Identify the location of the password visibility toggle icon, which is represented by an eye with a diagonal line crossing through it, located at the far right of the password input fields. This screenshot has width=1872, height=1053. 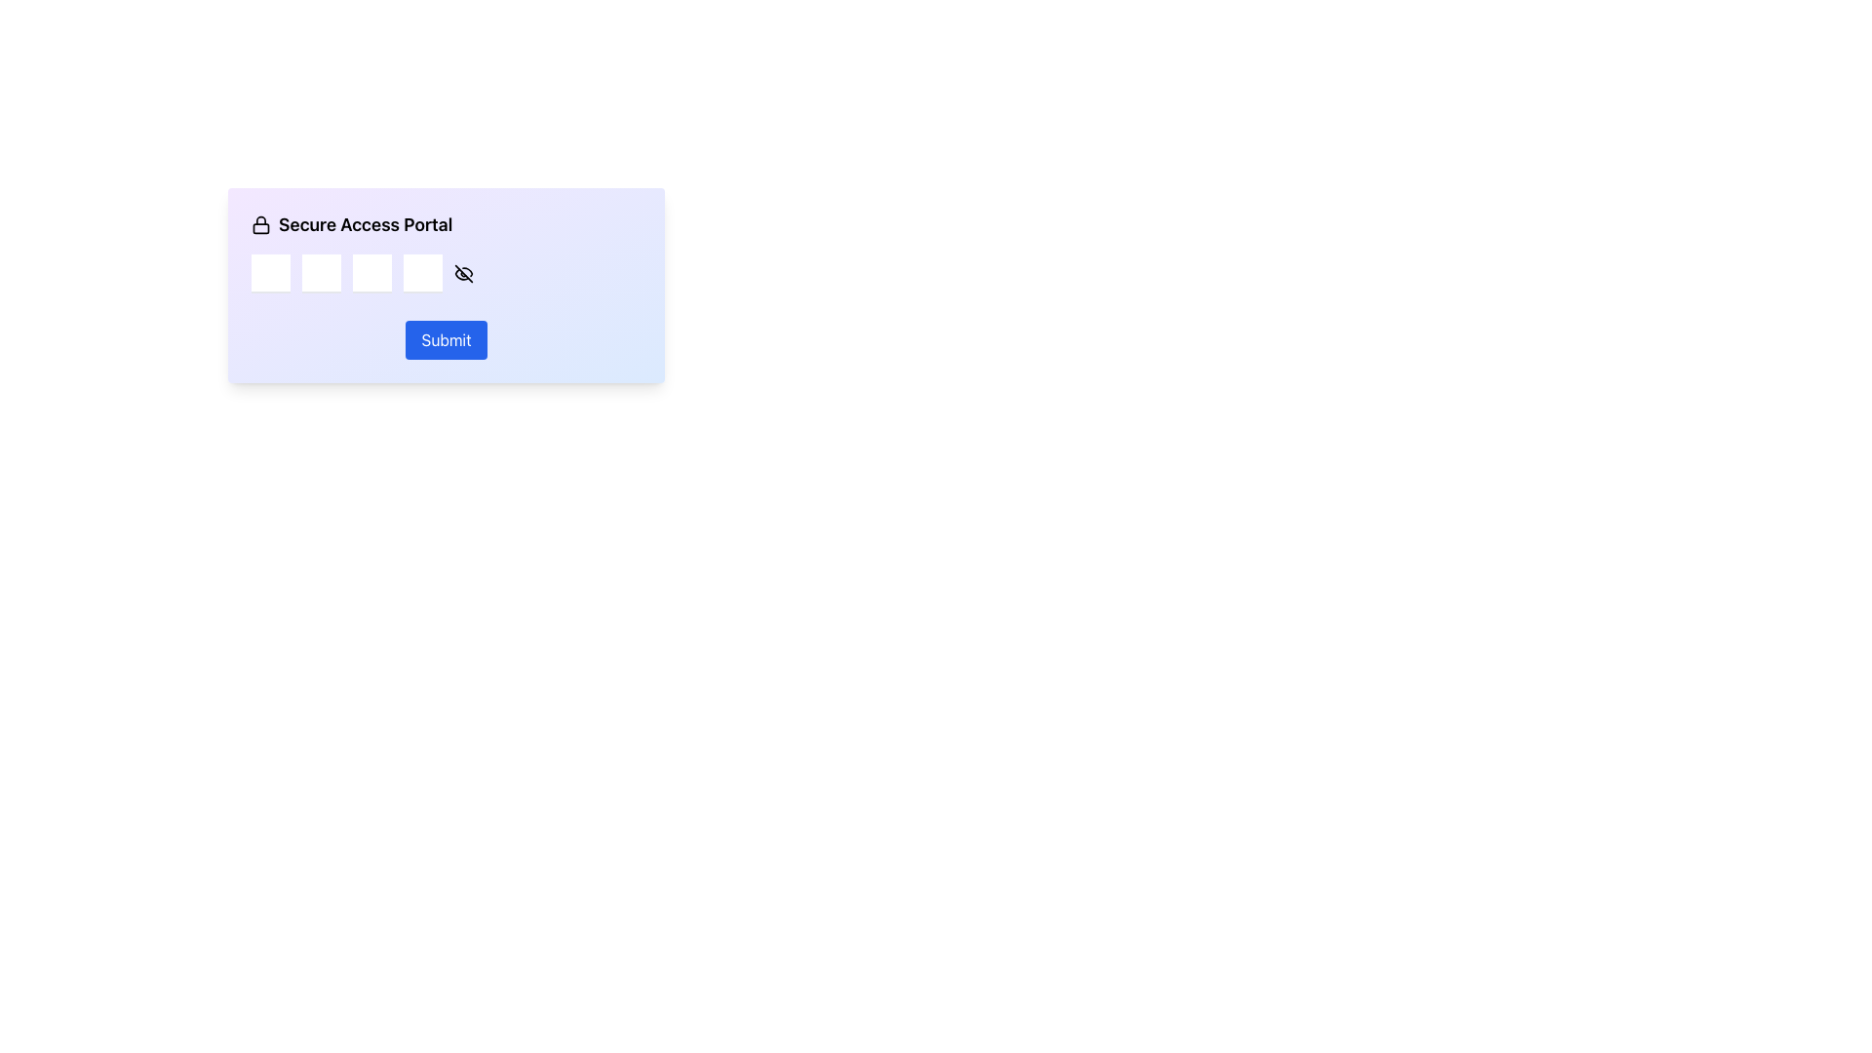
(462, 274).